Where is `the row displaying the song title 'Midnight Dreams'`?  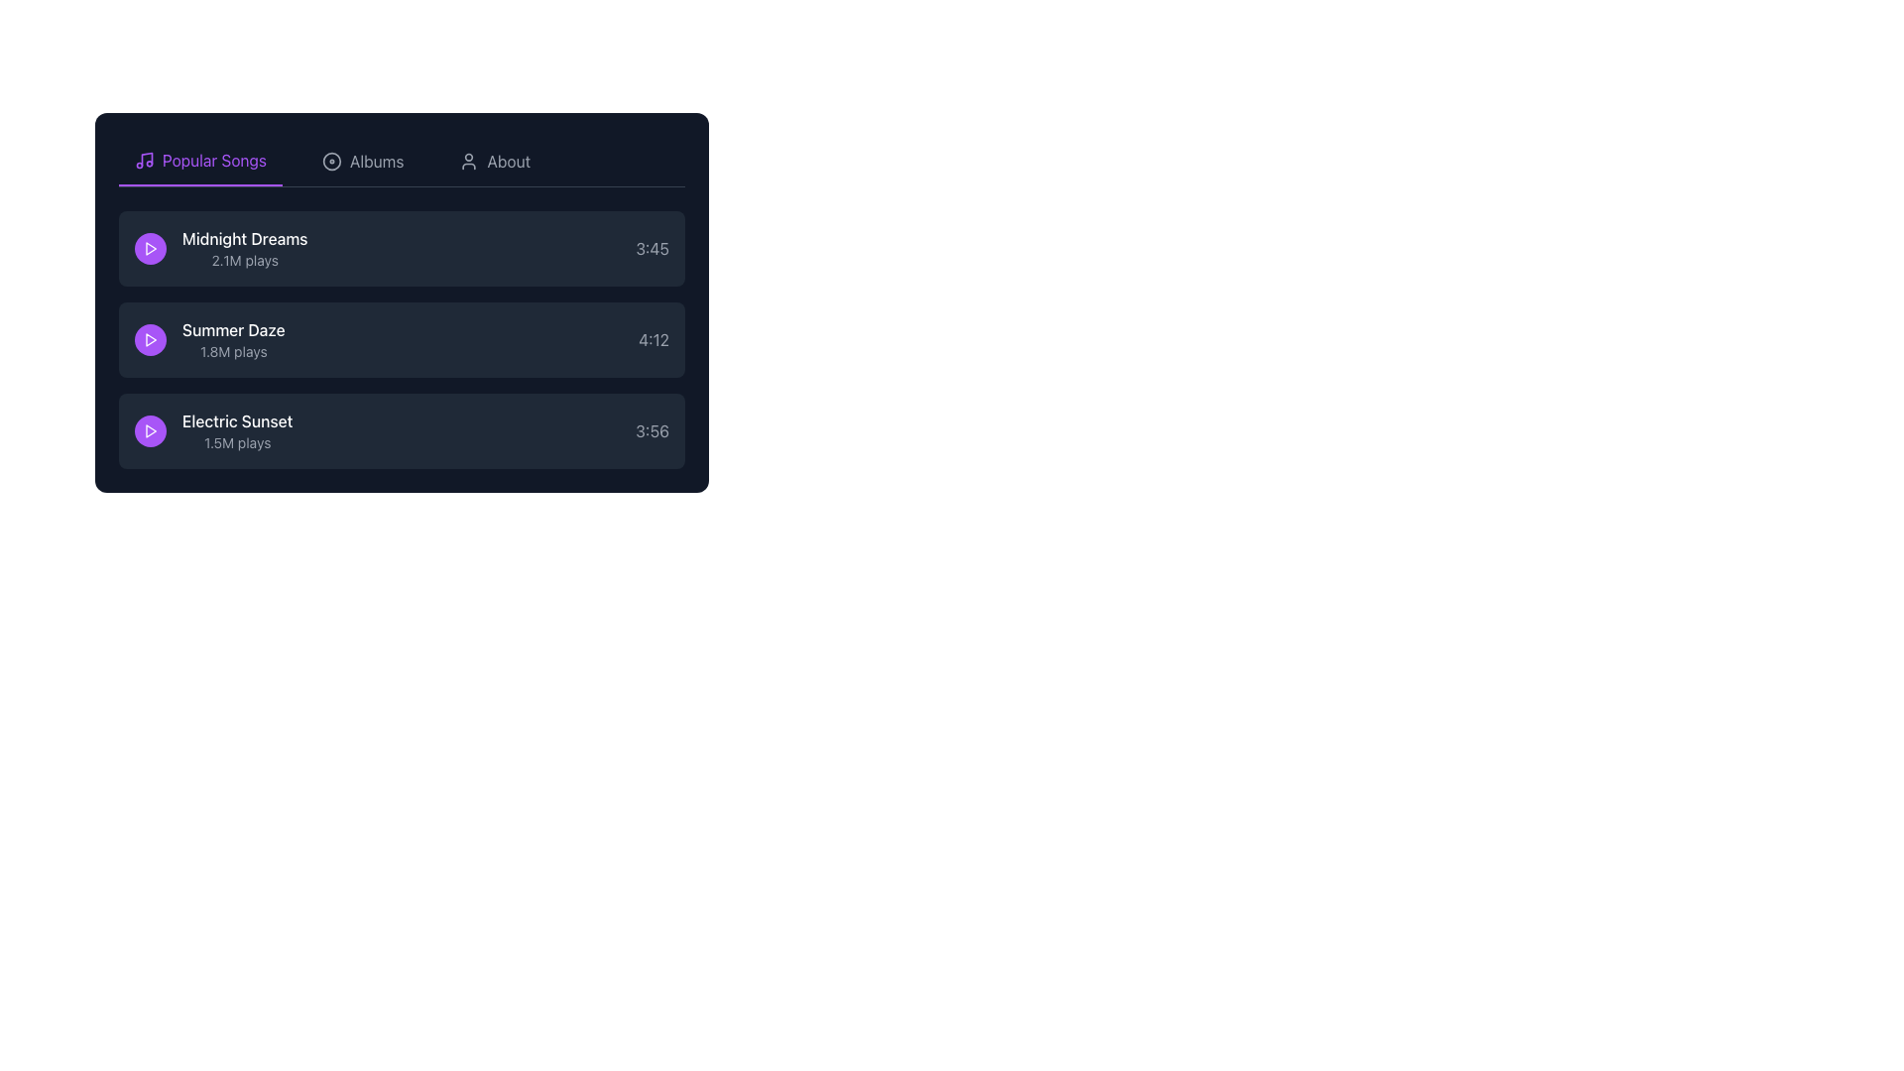
the row displaying the song title 'Midnight Dreams' is located at coordinates (243, 247).